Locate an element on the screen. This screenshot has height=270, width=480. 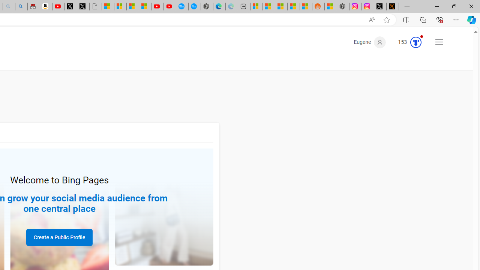
'YouTube Kids - An App Created for Kids to Explore Content' is located at coordinates (169, 6).